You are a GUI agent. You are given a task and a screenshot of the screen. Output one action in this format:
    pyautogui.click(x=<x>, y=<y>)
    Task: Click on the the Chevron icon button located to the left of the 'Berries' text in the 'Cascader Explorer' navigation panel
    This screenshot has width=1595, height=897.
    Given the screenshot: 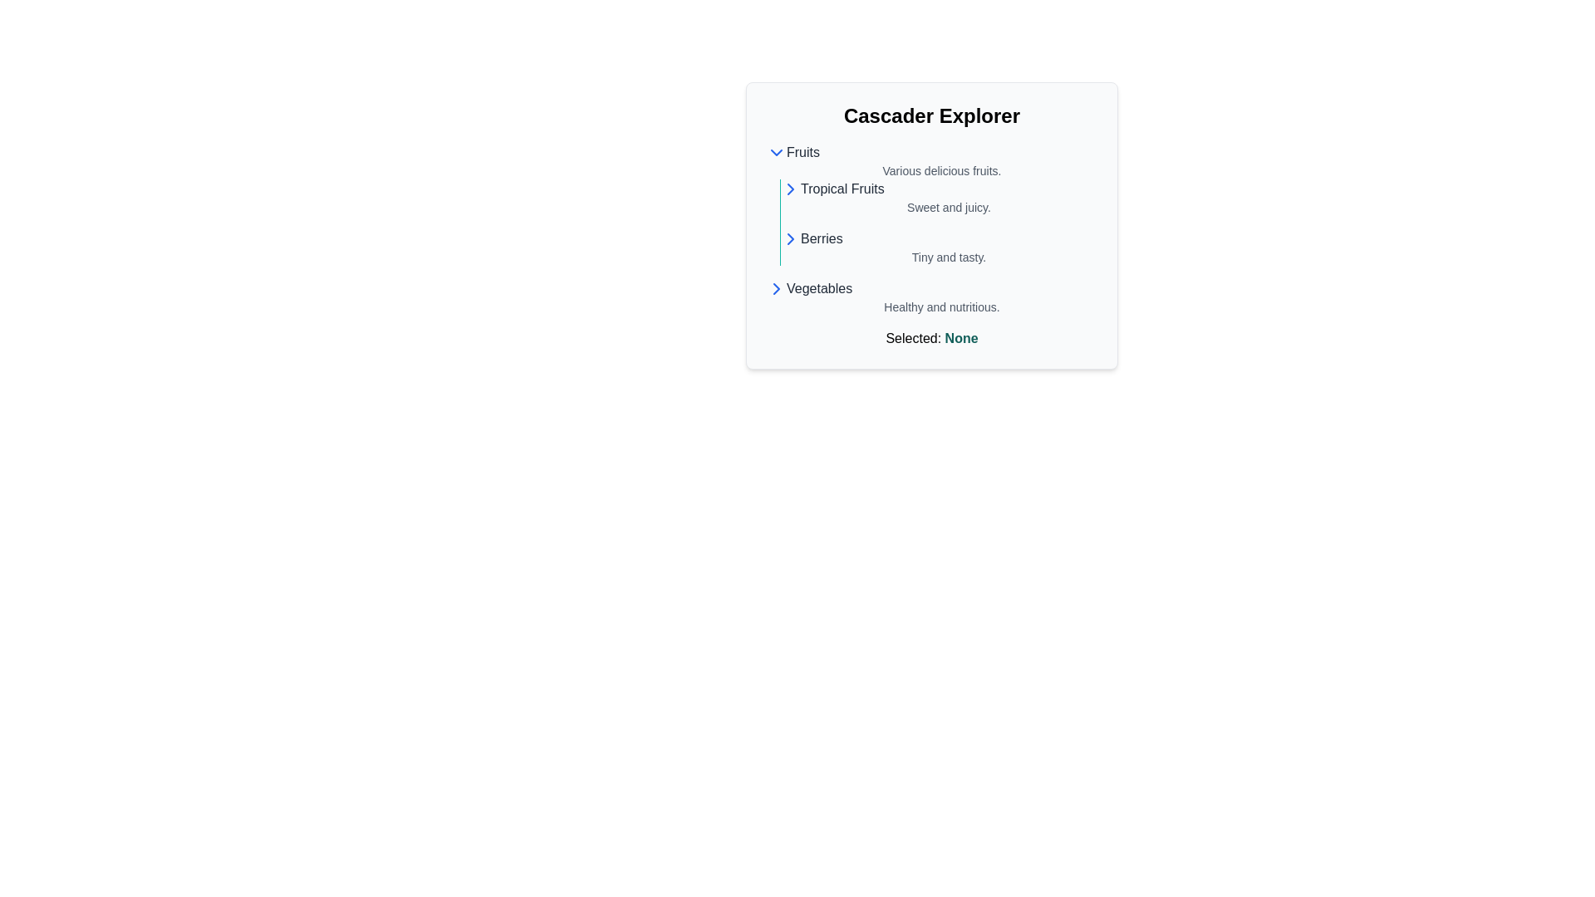 What is the action you would take?
    pyautogui.click(x=789, y=239)
    